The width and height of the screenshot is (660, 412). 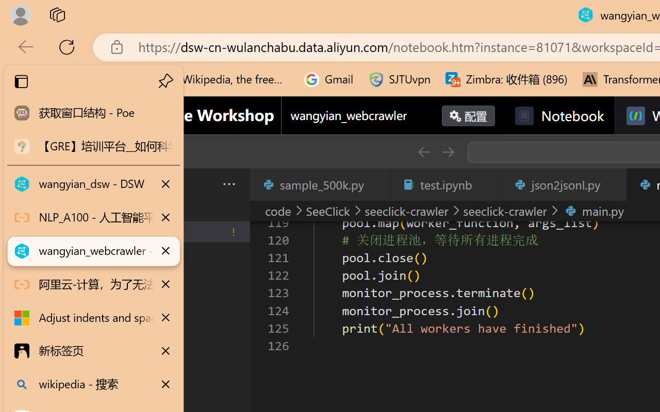 I want to click on 'Notebook', so click(x=558, y=116).